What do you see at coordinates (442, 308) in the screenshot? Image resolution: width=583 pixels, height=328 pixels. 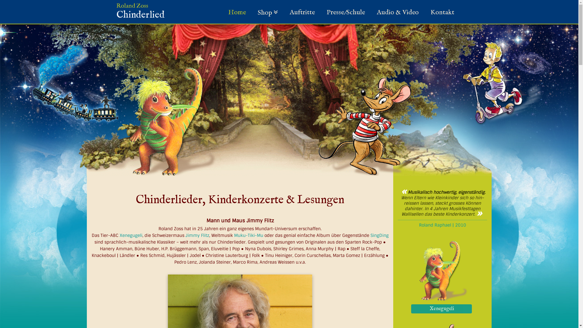 I see `'Xenegugeli'` at bounding box center [442, 308].